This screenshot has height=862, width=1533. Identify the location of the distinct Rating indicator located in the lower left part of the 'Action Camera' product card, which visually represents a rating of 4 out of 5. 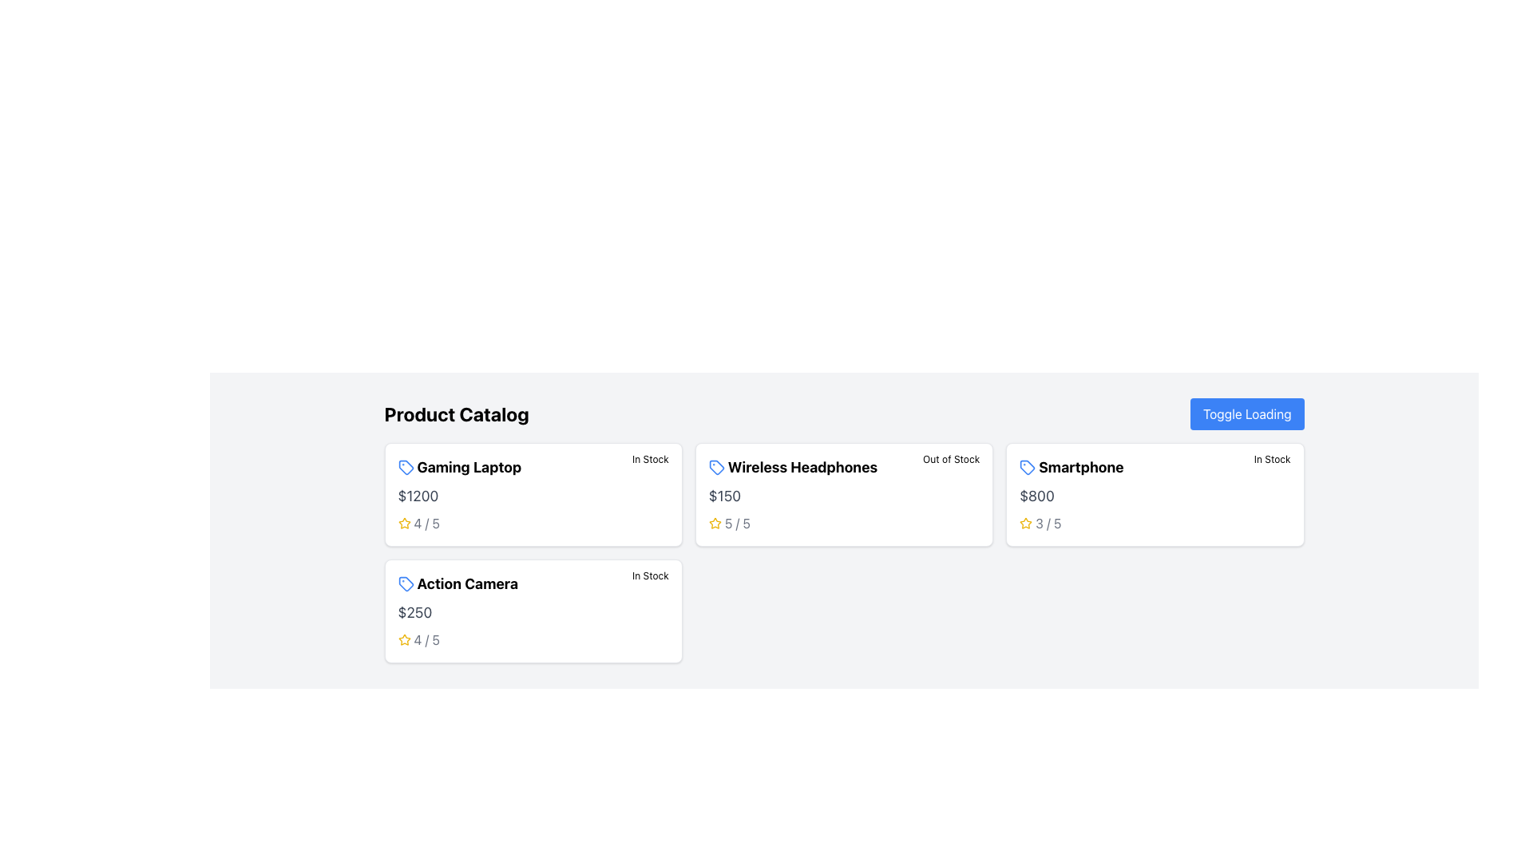
(418, 639).